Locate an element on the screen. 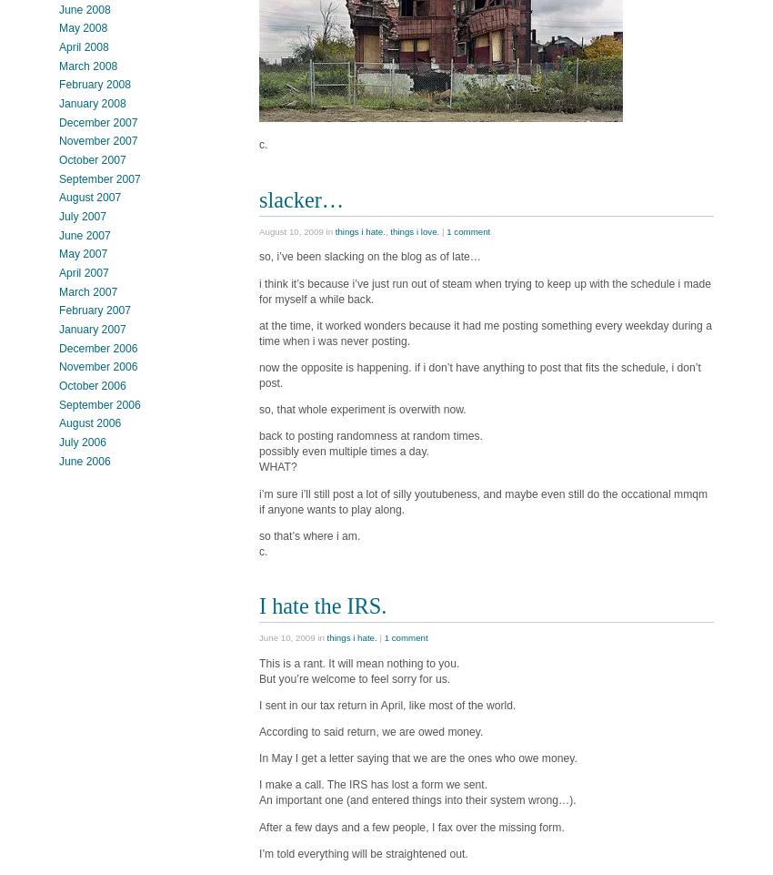 The image size is (773, 875). 'February 2008' is located at coordinates (94, 85).